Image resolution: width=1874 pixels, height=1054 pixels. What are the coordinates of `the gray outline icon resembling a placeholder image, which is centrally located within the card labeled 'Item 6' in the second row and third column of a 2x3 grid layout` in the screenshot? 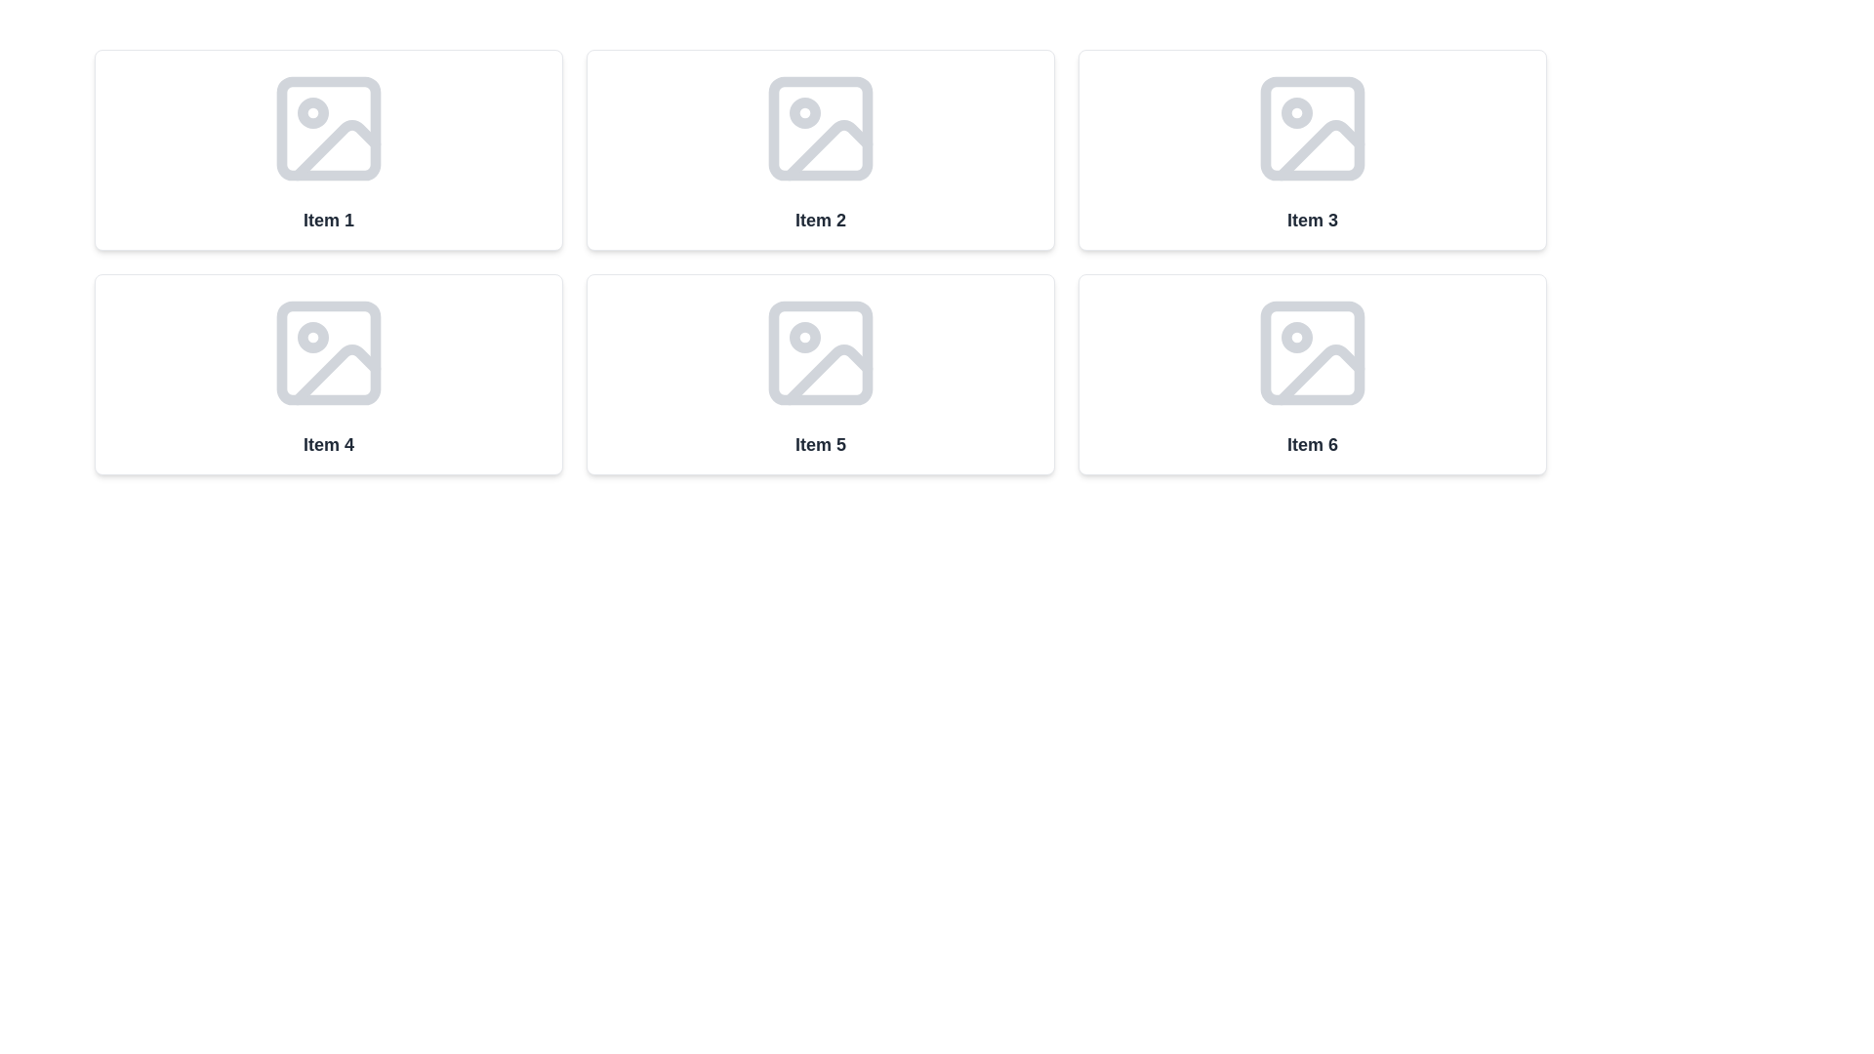 It's located at (1312, 353).